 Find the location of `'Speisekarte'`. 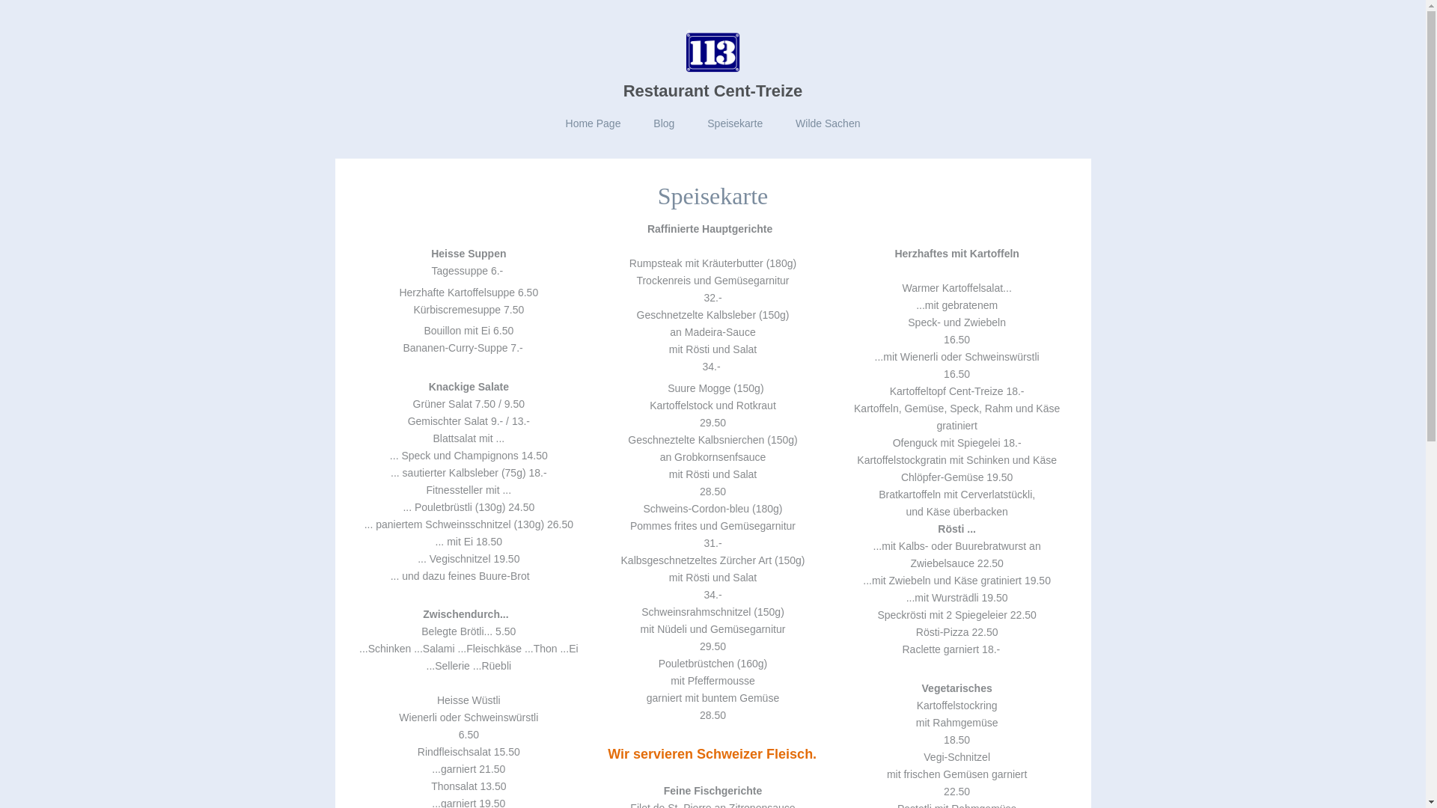

'Speisekarte' is located at coordinates (735, 123).